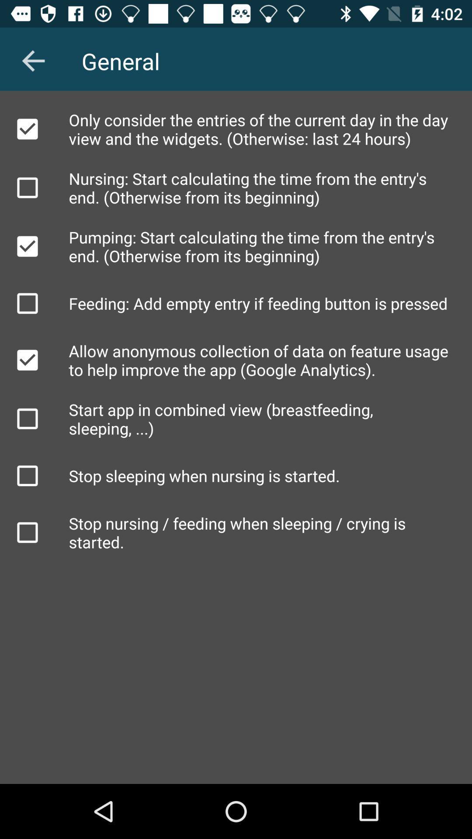  I want to click on the square, so click(27, 475).